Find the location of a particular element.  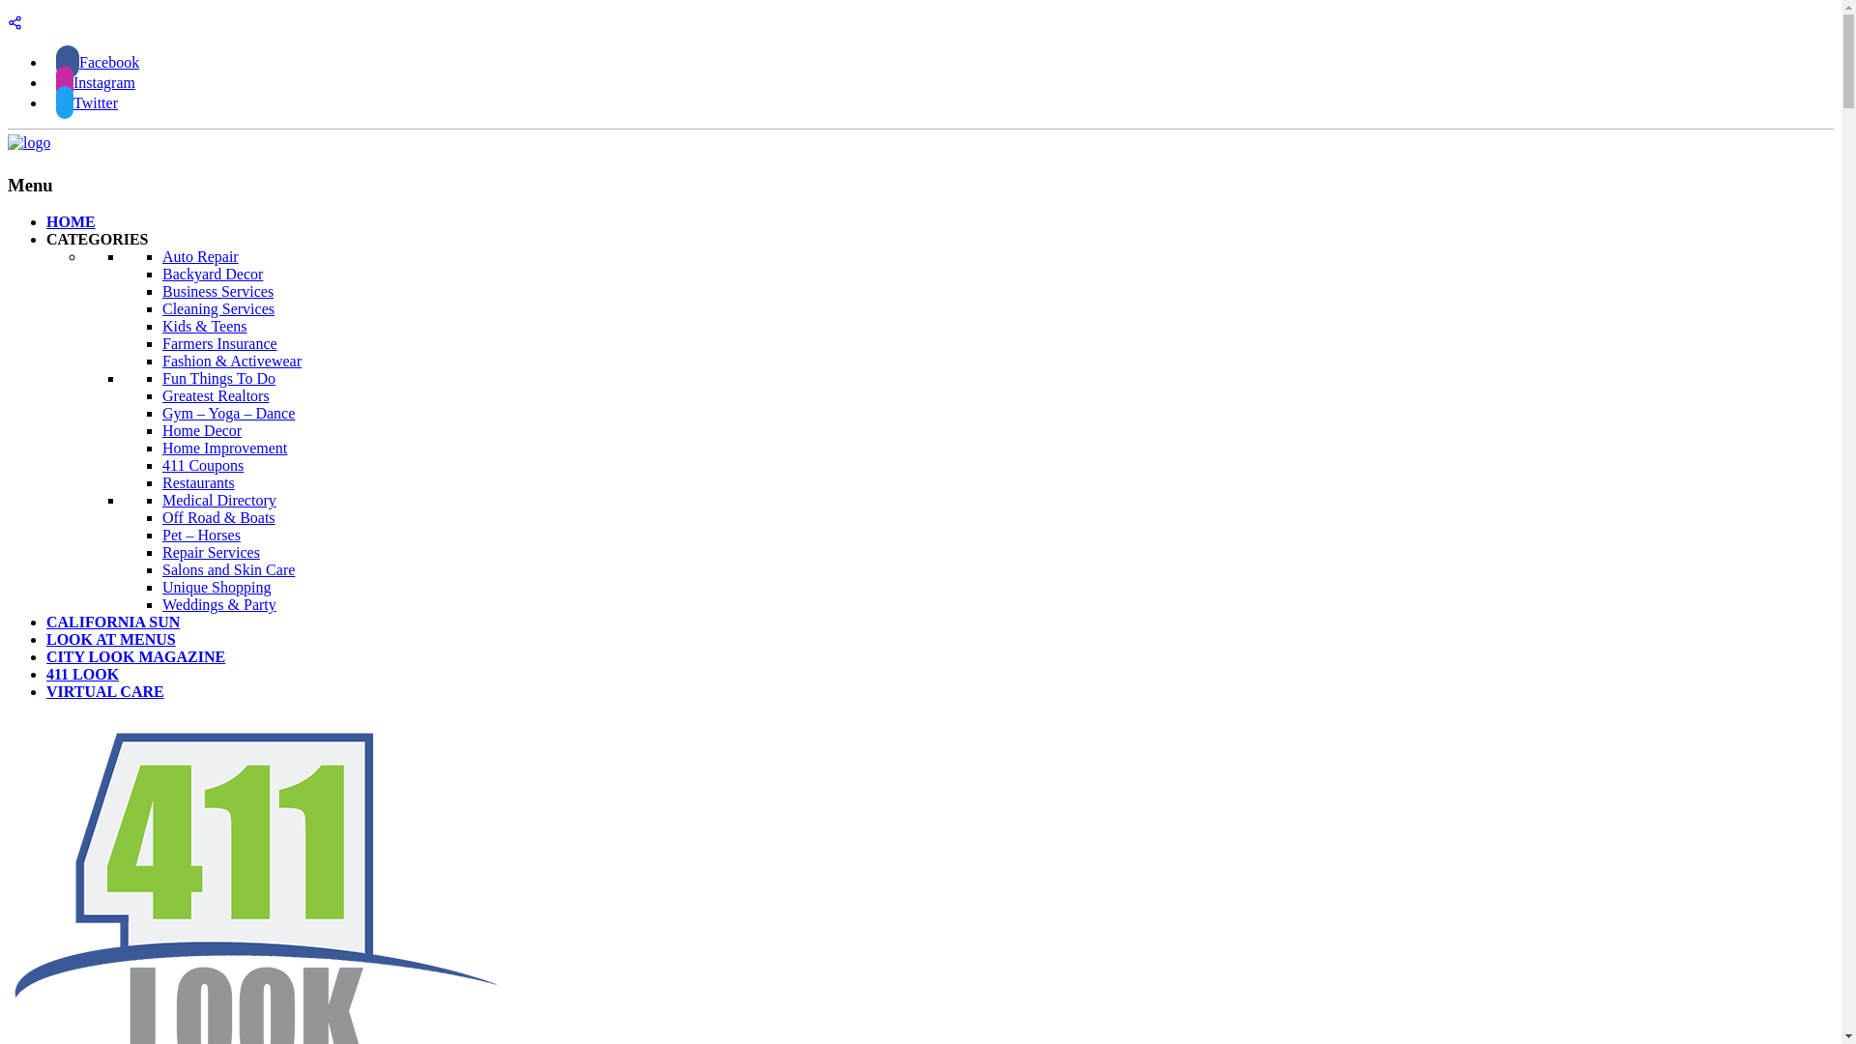

'Unique Shopping' is located at coordinates (217, 586).